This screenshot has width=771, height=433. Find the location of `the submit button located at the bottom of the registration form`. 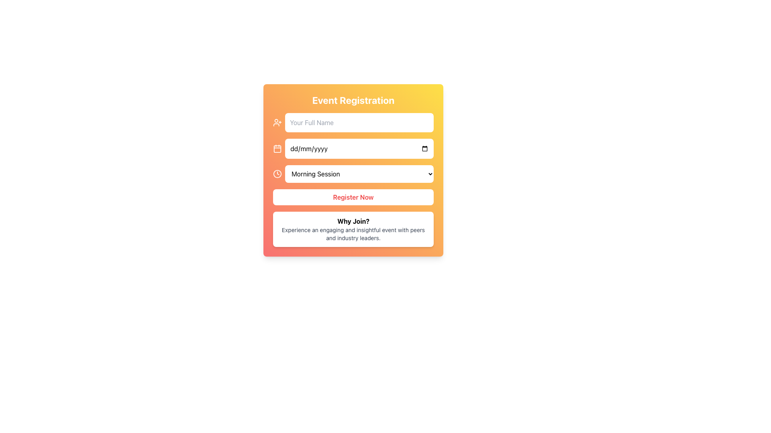

the submit button located at the bottom of the registration form is located at coordinates (353, 197).